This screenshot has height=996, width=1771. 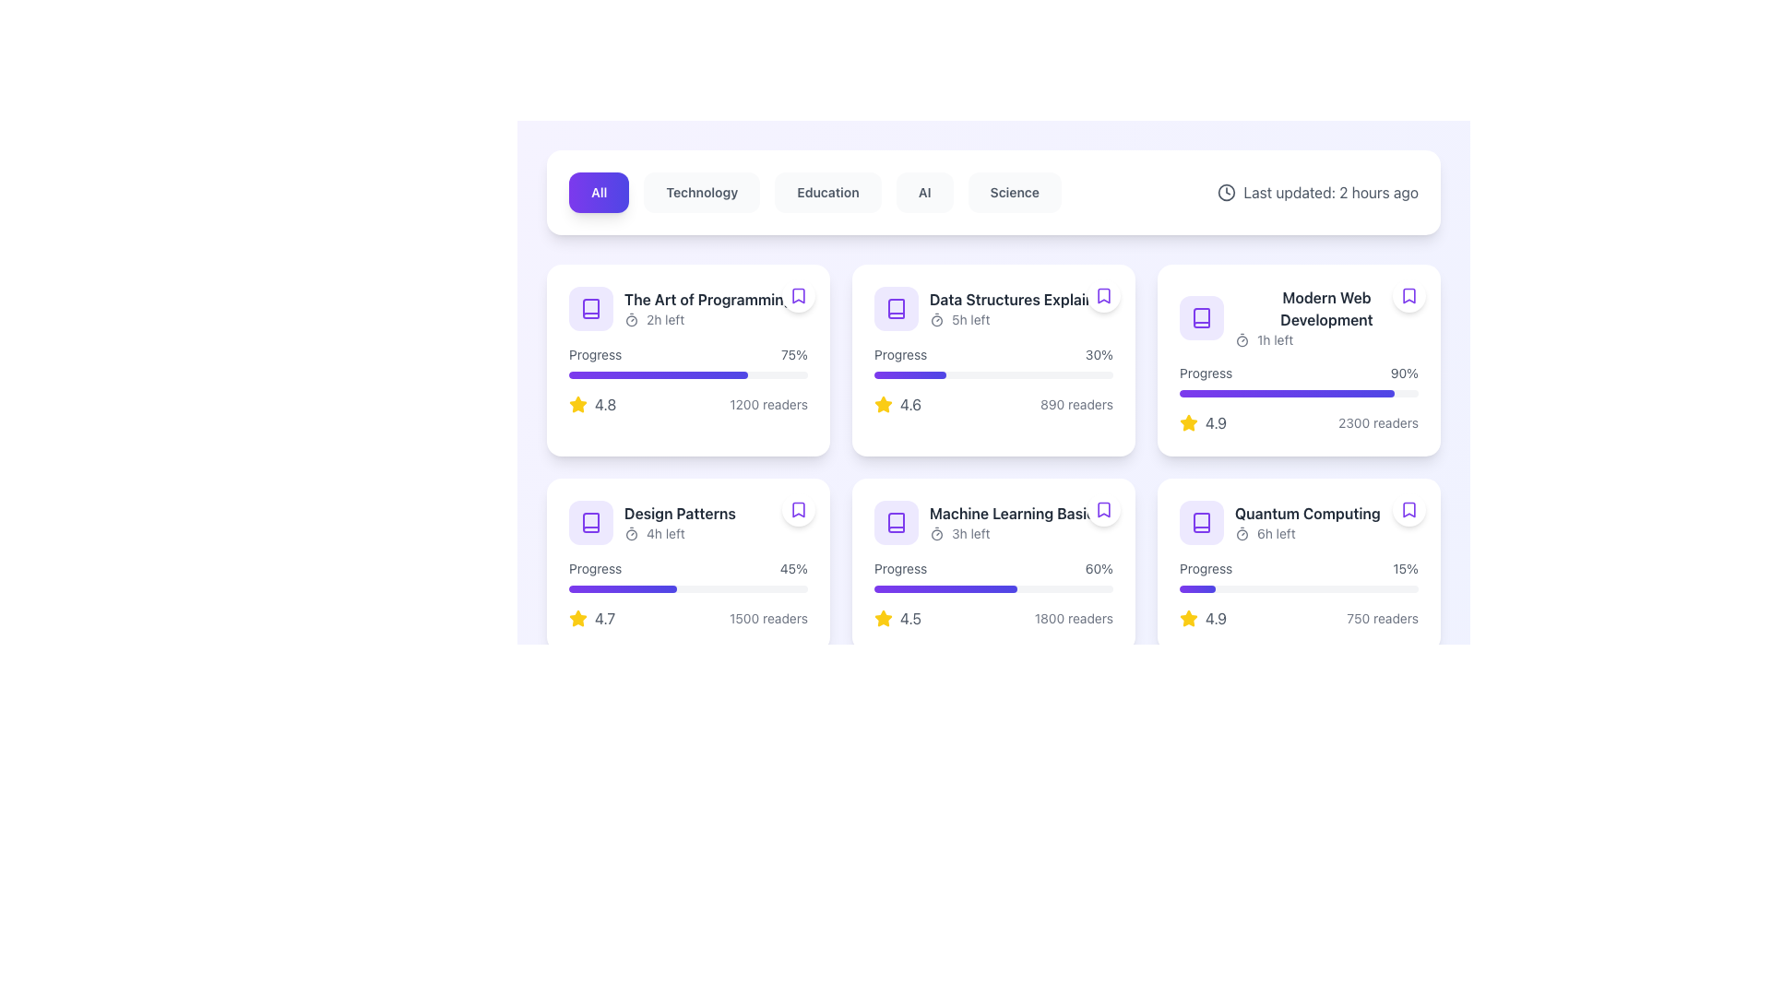 What do you see at coordinates (1201, 316) in the screenshot?
I see `the violet-themed book icon within the rounded rectangle located in the Modern Web Development section, specifically the first row's third item` at bounding box center [1201, 316].